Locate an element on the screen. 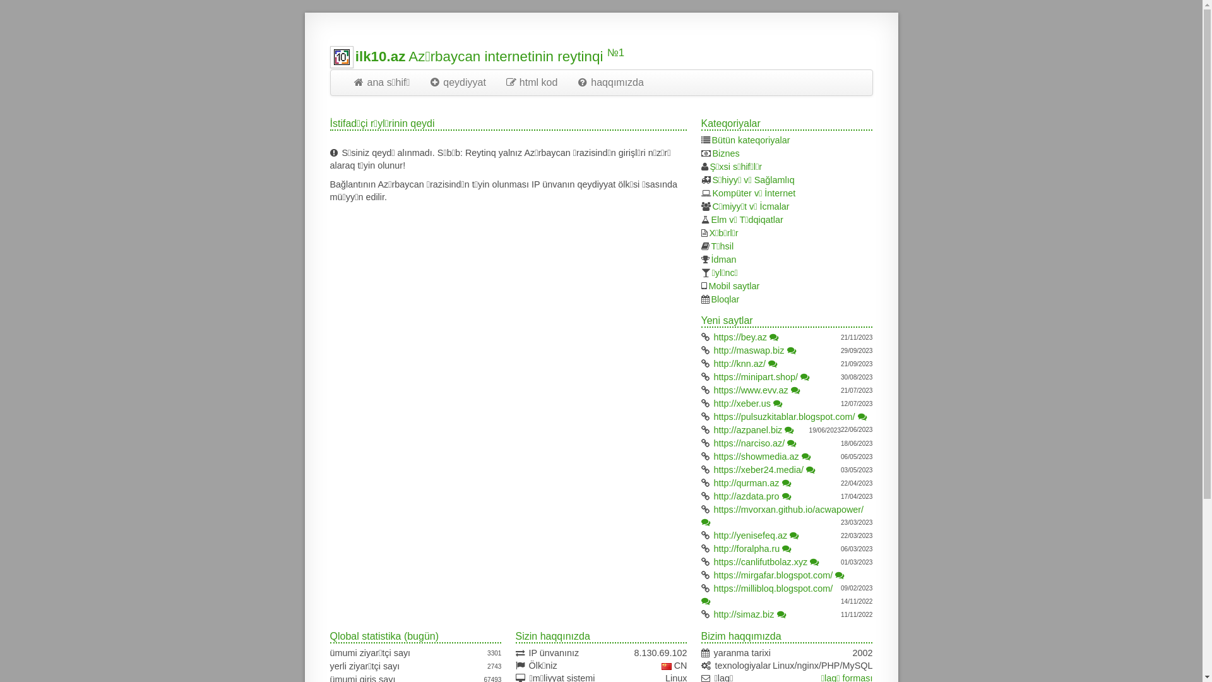 This screenshot has width=1212, height=682. 'http://yenisefeq.az' is located at coordinates (751, 535).